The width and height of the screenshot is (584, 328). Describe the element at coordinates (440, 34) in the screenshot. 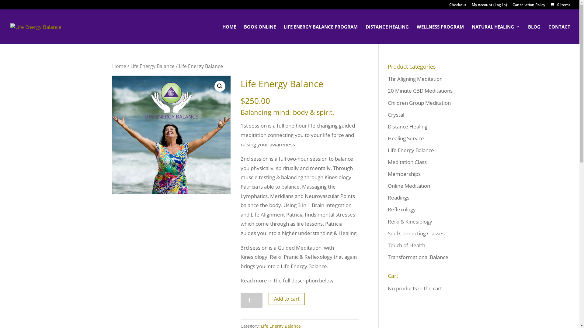

I see `'WELLNESS PROGRAM'` at that location.